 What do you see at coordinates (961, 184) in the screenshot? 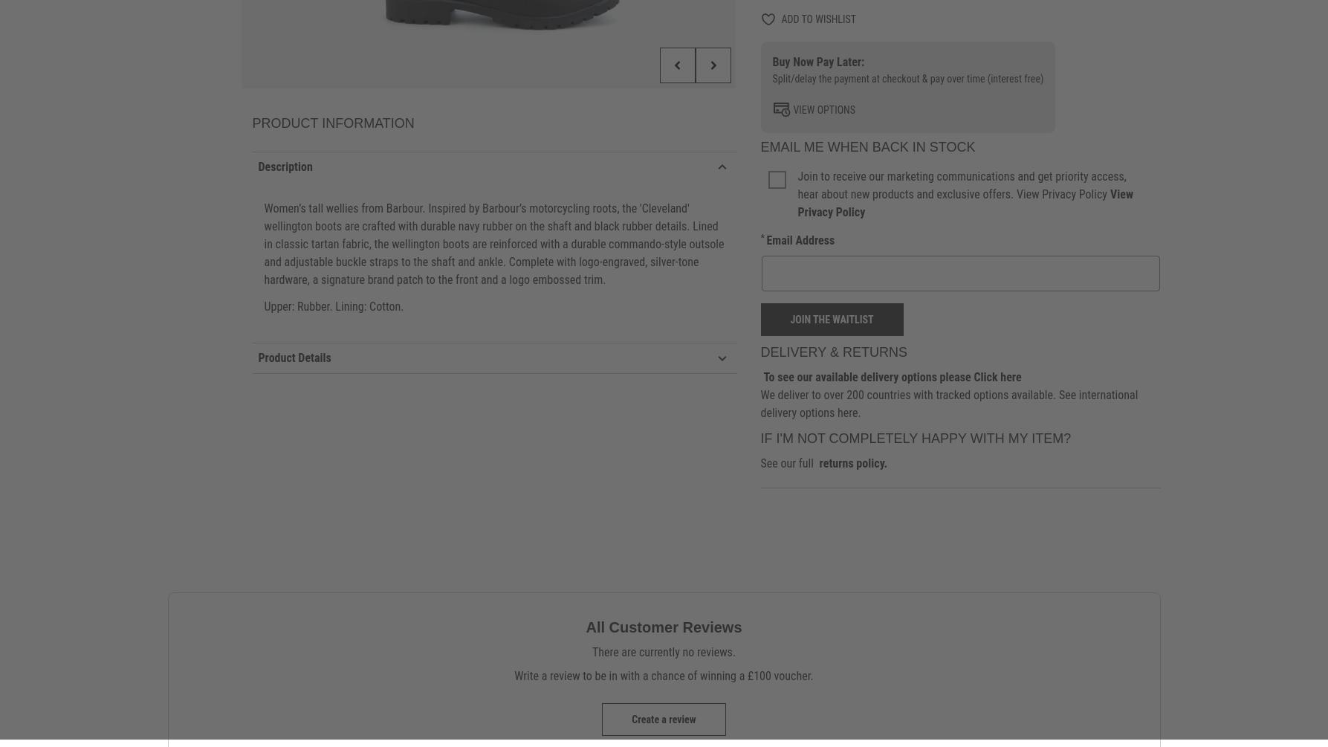
I see `'Join to receive our marketing communications and get priority access, hear about new products and exclusive offers. View Privacy Policy'` at bounding box center [961, 184].